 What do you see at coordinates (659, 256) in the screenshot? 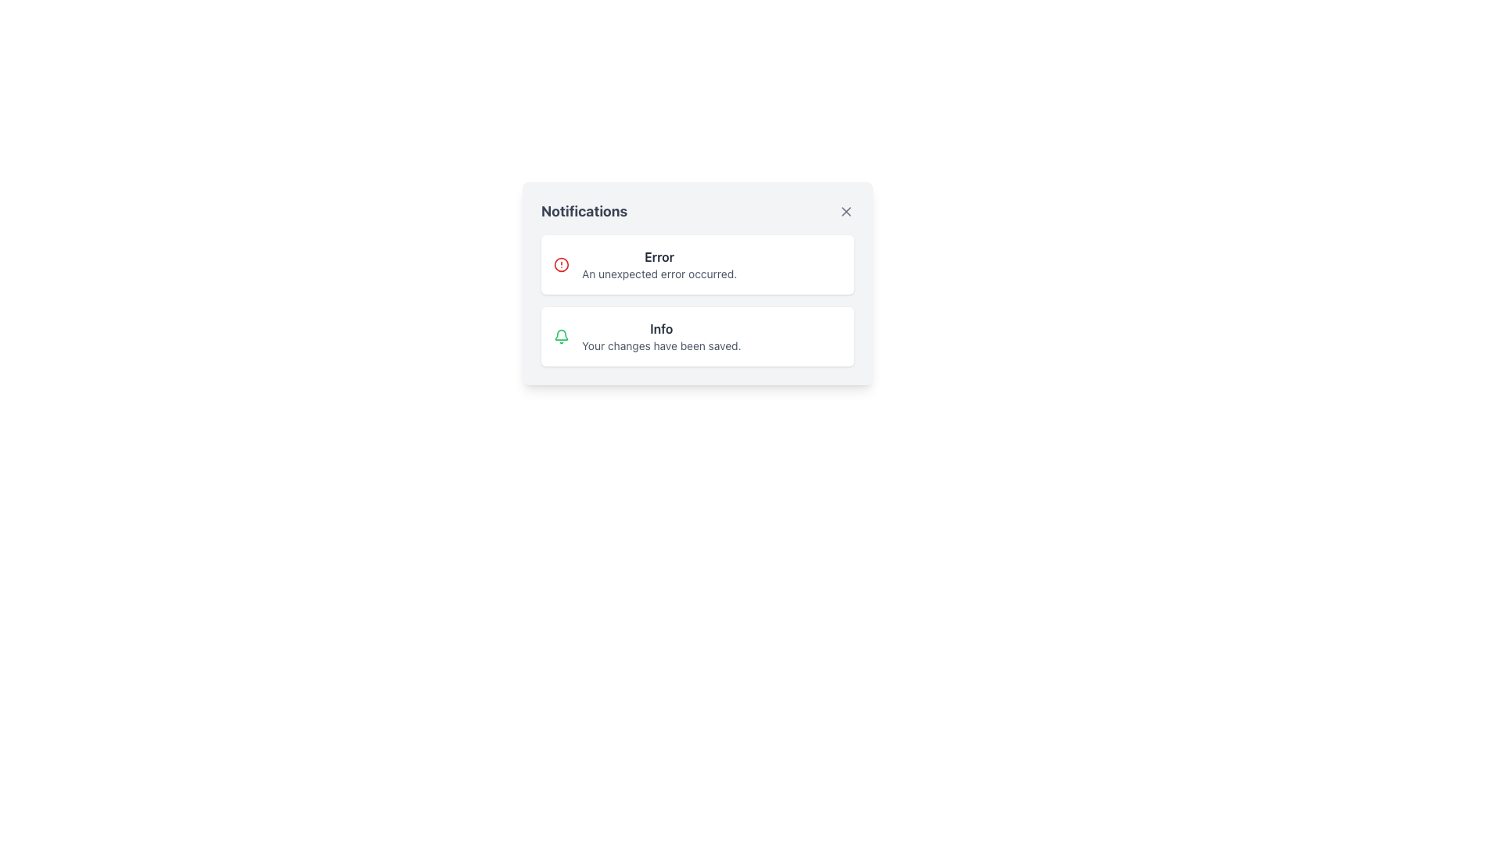
I see `text label displaying the word 'Error' in bold, dark gray font located at the top of the notification content block` at bounding box center [659, 256].